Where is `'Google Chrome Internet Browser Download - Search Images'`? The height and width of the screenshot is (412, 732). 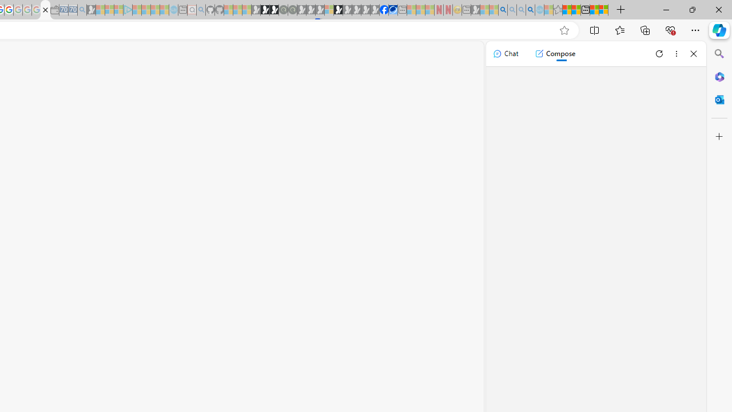 'Google Chrome Internet Browser Download - Search Images' is located at coordinates (530, 10).